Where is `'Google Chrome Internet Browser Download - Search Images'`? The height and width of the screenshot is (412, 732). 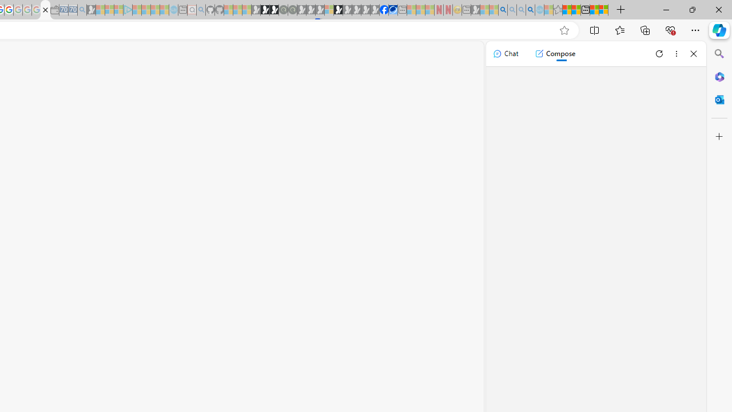 'Google Chrome Internet Browser Download - Search Images' is located at coordinates (530, 10).